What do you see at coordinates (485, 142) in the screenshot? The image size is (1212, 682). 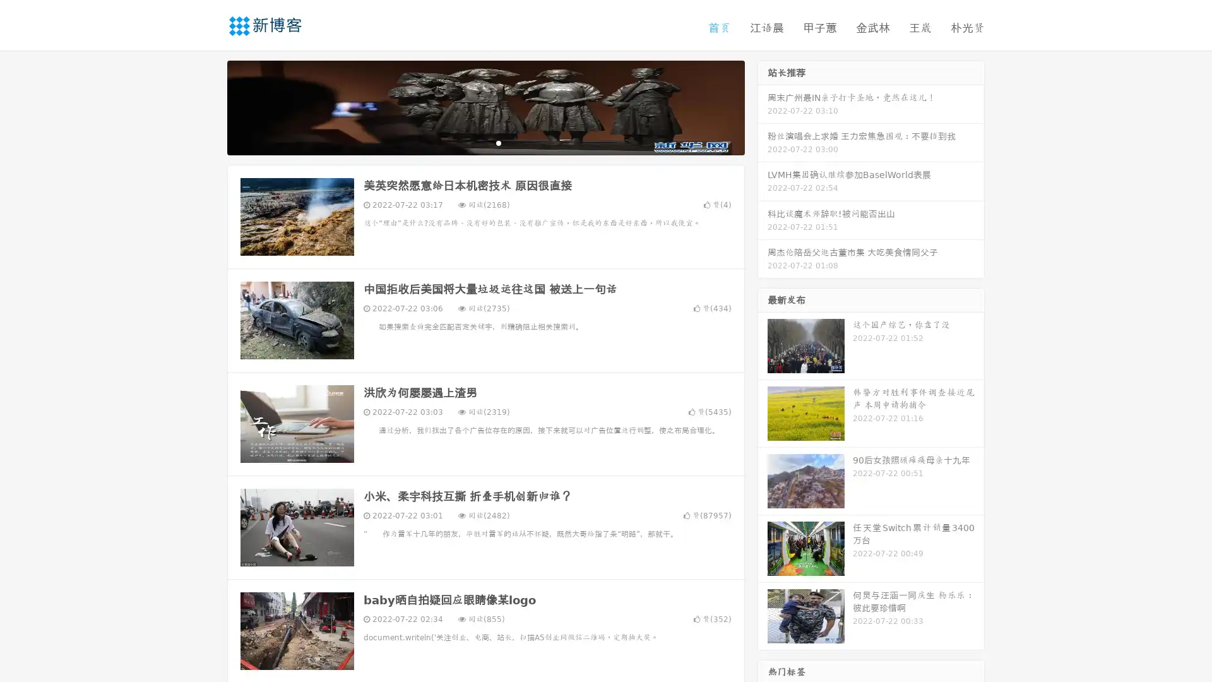 I see `Go to slide 2` at bounding box center [485, 142].